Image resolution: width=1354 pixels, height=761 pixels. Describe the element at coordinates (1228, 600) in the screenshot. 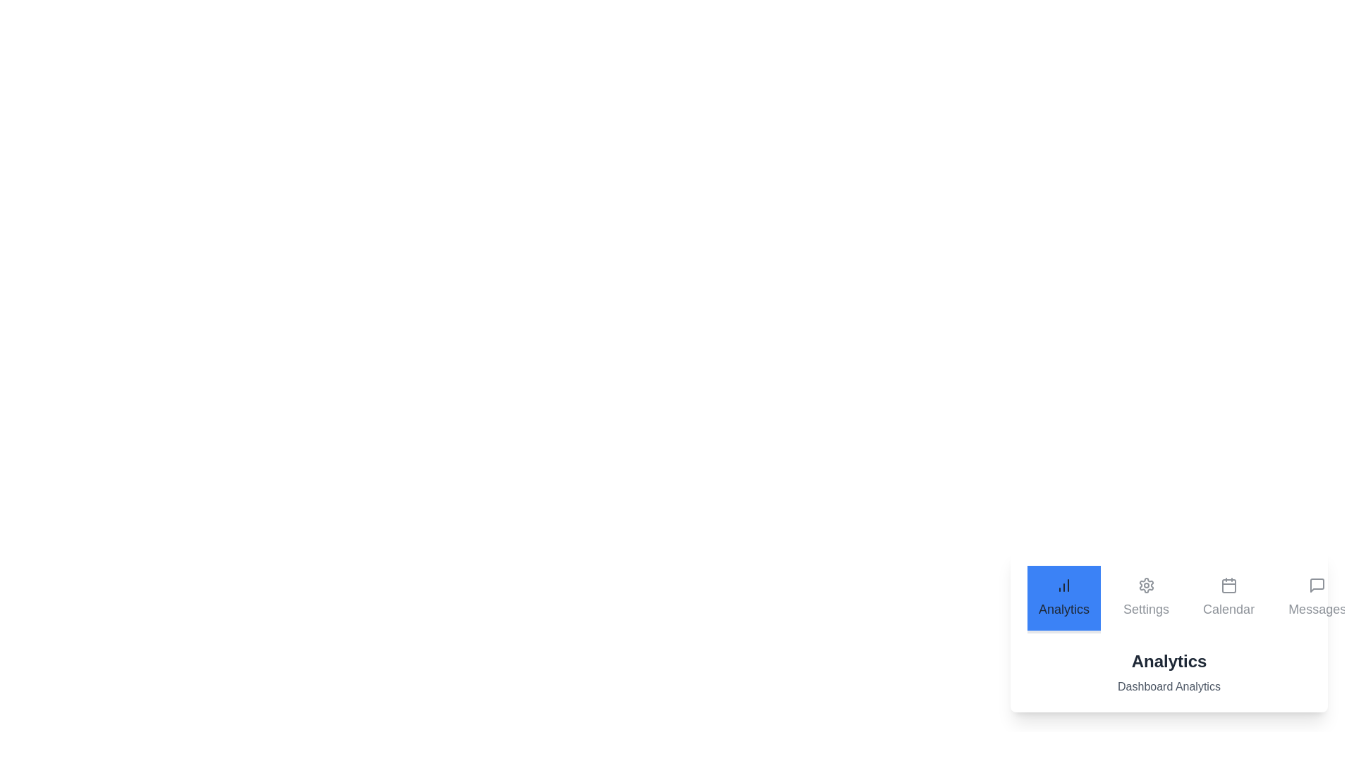

I see `the Calendar tab` at that location.